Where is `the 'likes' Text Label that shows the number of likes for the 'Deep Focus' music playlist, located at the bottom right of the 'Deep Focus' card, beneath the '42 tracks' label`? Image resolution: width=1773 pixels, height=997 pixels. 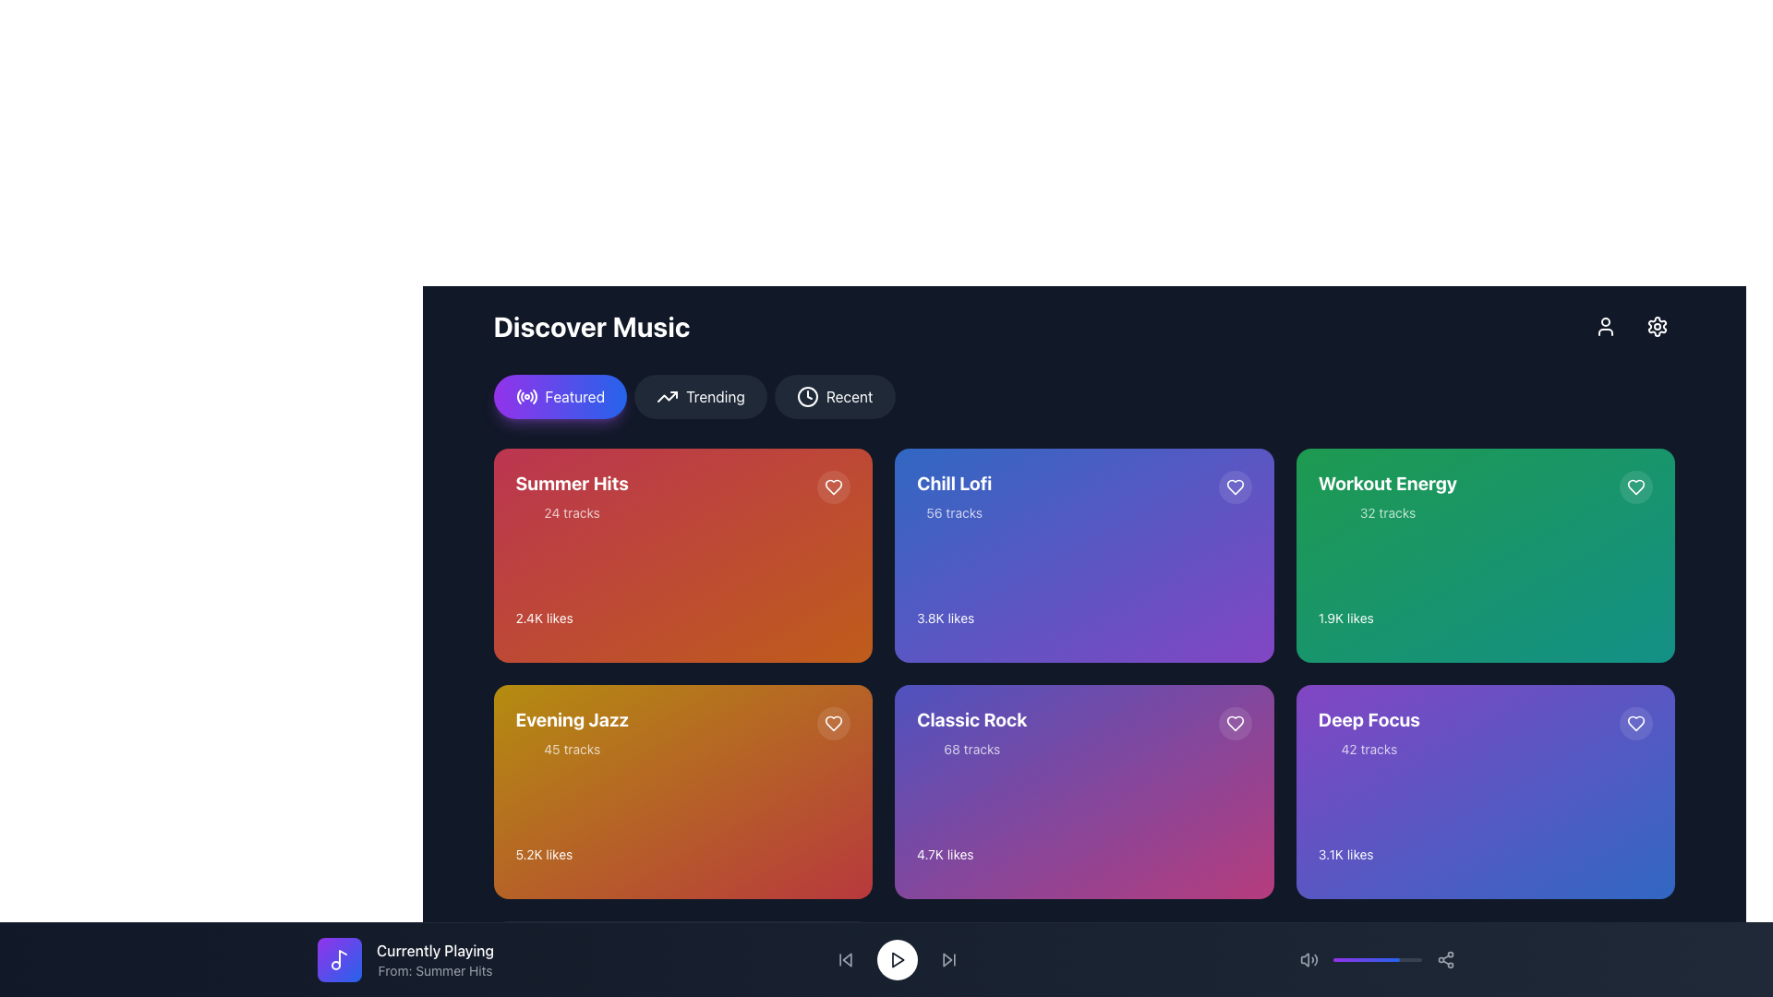 the 'likes' Text Label that shows the number of likes for the 'Deep Focus' music playlist, located at the bottom right of the 'Deep Focus' card, beneath the '42 tracks' label is located at coordinates (1345, 854).